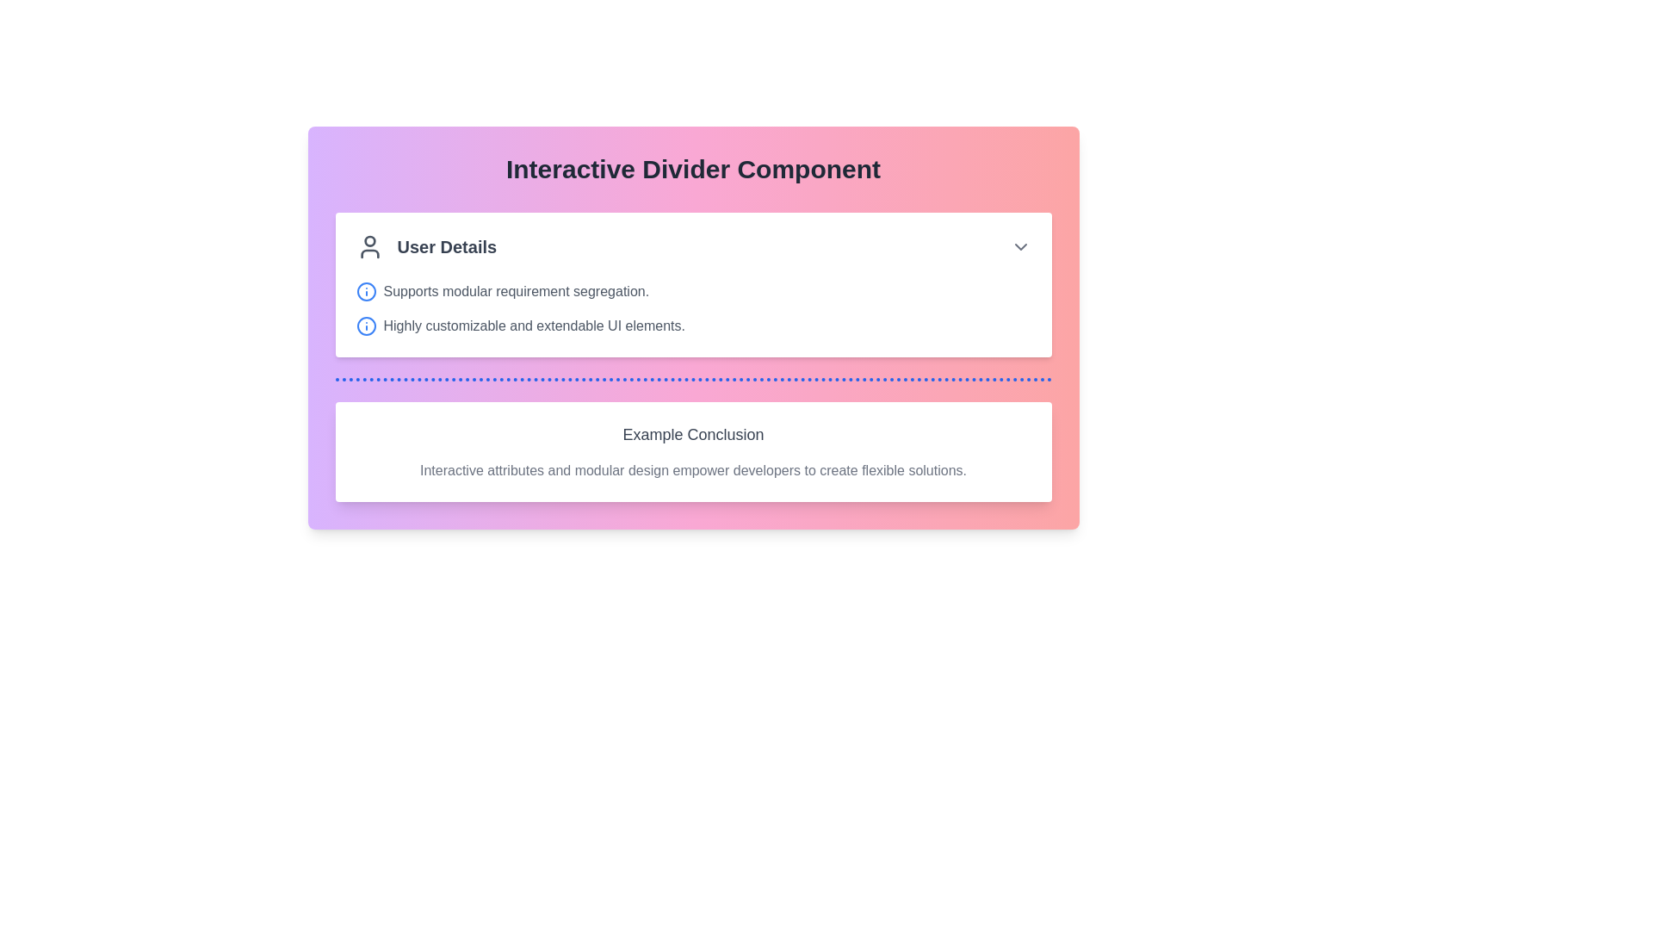 This screenshot has height=930, width=1653. Describe the element at coordinates (693, 378) in the screenshot. I see `the horizontal dotted blue divider line that separates the 'User Details' section from the 'Example Conclusion' section` at that location.